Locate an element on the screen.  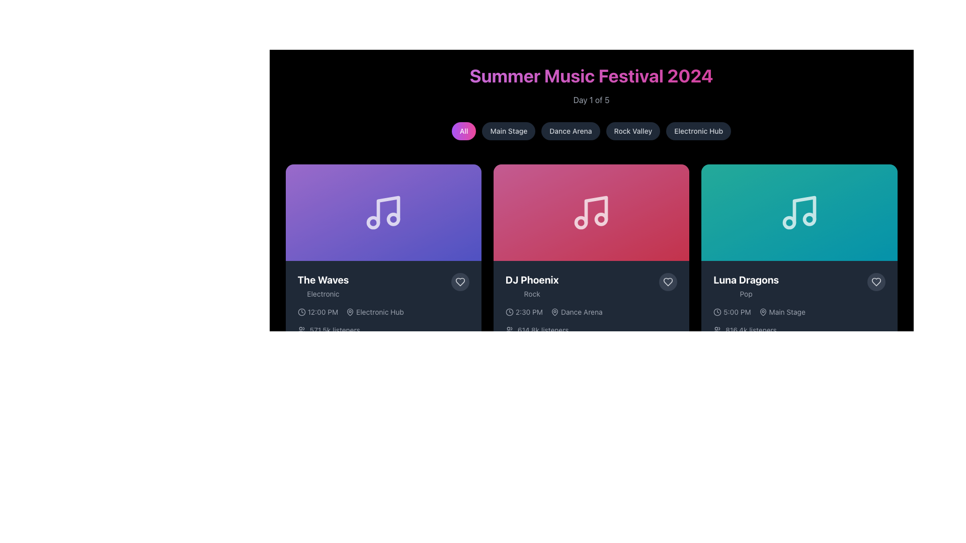
time label '2:30 PM' with the clock icon that is located in the middle-left section of the details card for 'DJ Phoenix' under the 'Summer Music Festival 2024' section is located at coordinates (523, 312).